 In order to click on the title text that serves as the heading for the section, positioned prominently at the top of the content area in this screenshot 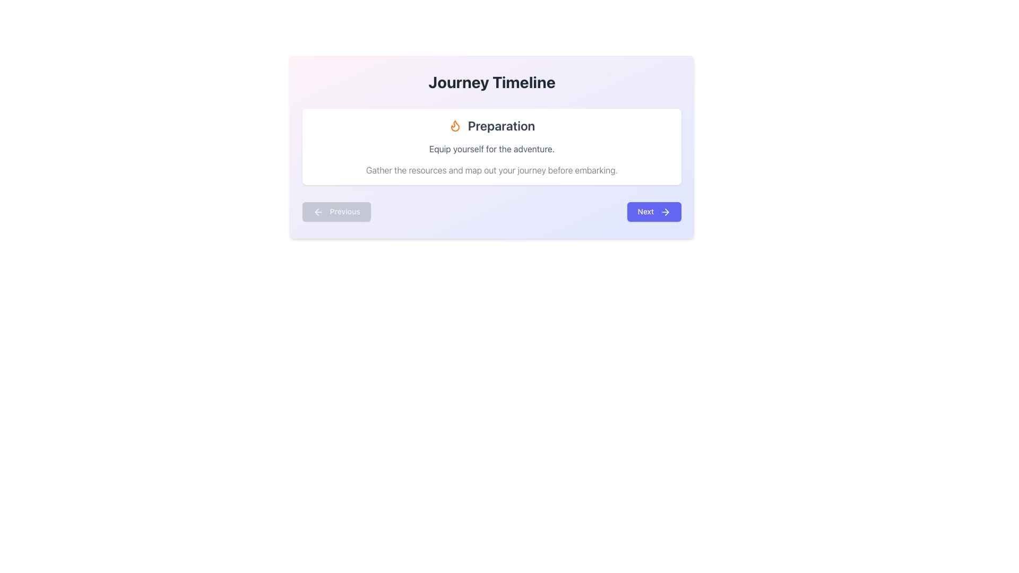, I will do `click(491, 81)`.